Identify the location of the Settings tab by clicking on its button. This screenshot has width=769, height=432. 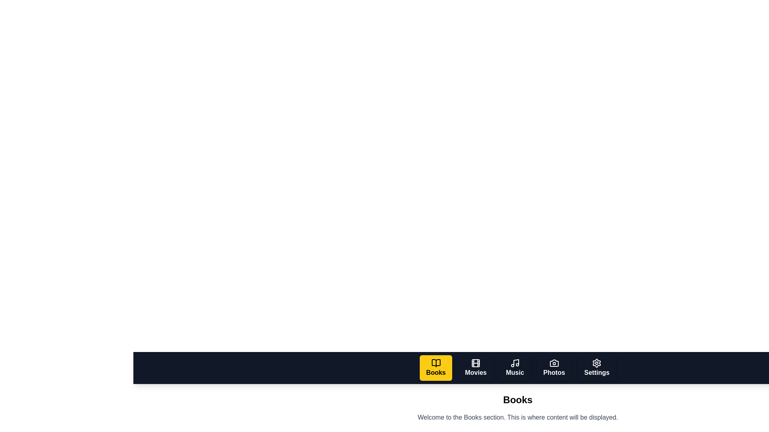
(597, 368).